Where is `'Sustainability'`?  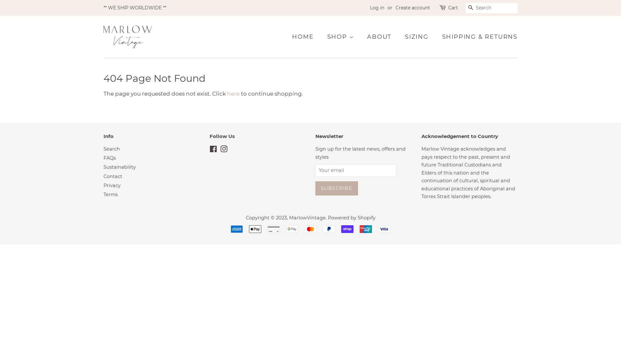 'Sustainability' is located at coordinates (119, 166).